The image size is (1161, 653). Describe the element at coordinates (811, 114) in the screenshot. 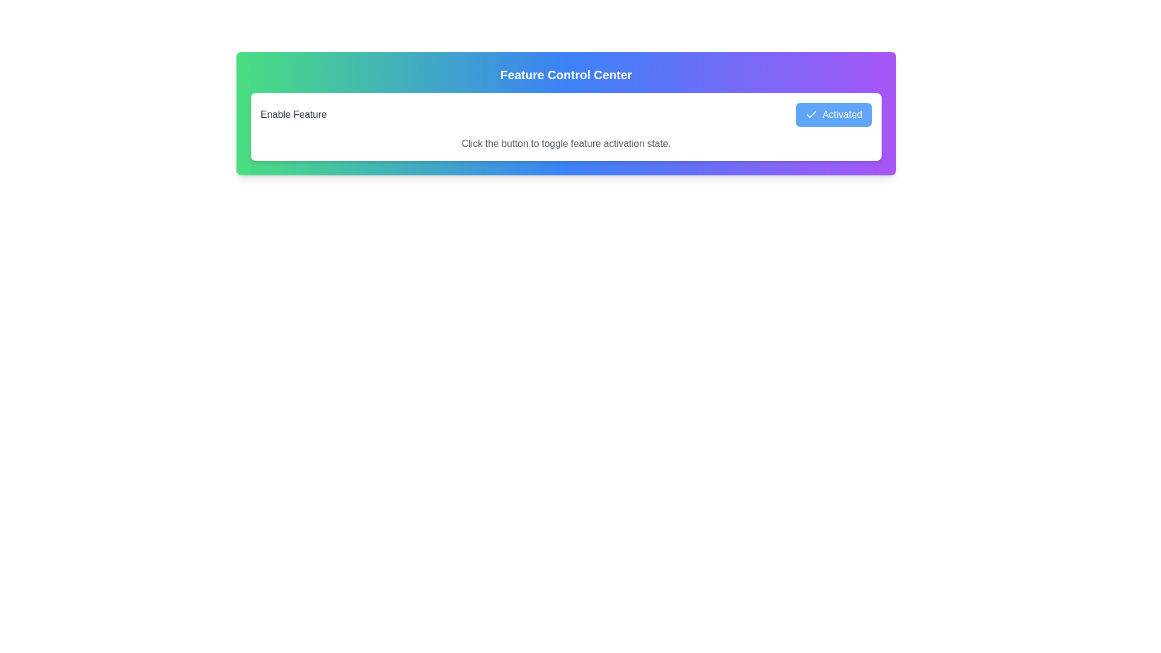

I see `the visual representation of the Icon indicating the active state of the 'Activated' button, located on the left side of the button in the top-right corner of the white card` at that location.